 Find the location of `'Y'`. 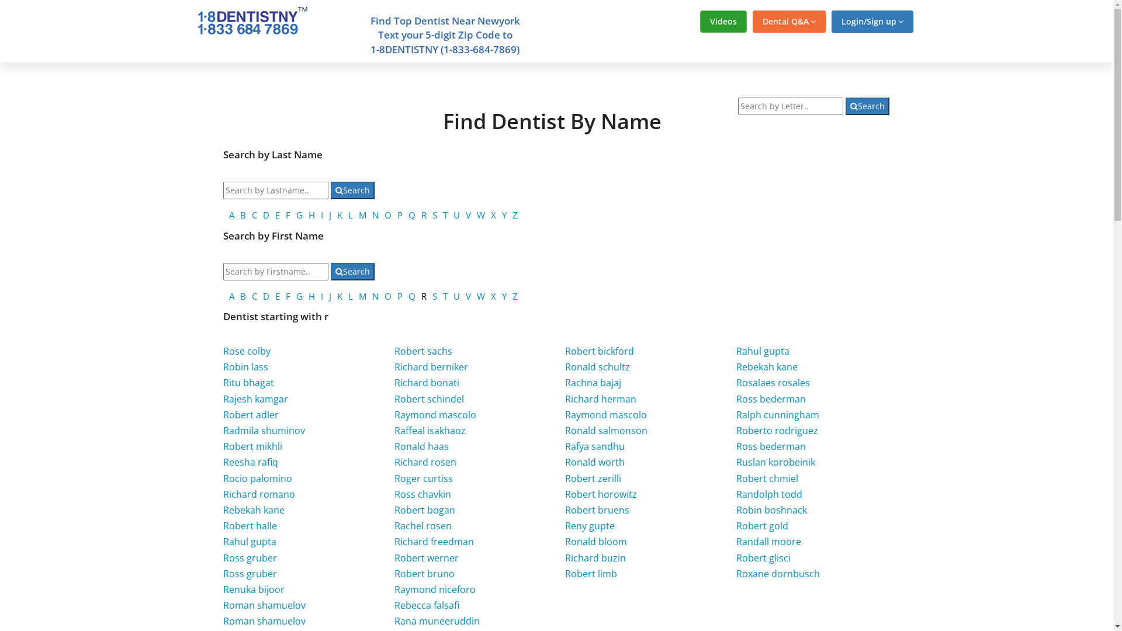

'Y' is located at coordinates (504, 214).